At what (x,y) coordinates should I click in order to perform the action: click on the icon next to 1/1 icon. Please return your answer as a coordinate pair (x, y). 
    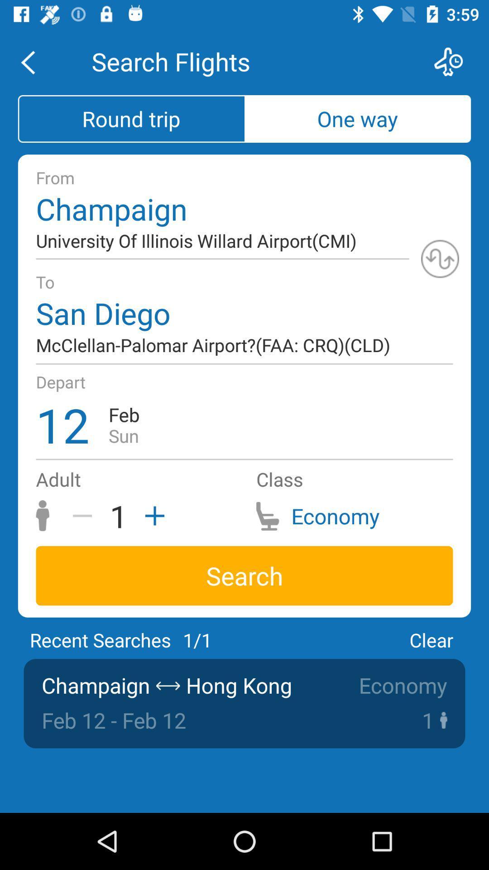
    Looking at the image, I should click on (431, 639).